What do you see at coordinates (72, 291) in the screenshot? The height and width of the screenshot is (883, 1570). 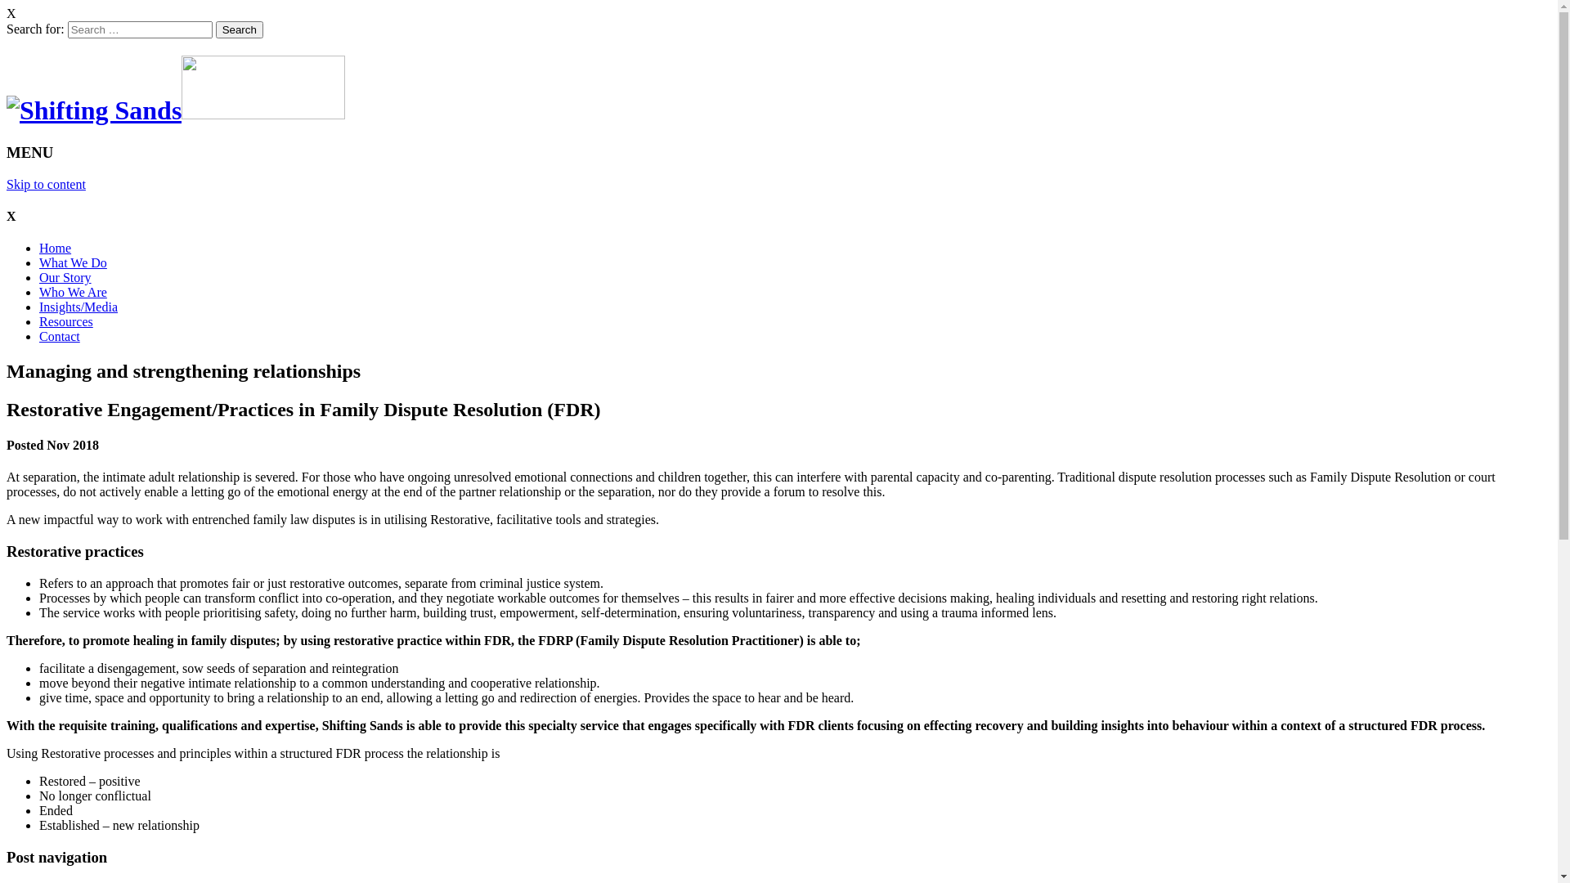 I see `'Who We Are'` at bounding box center [72, 291].